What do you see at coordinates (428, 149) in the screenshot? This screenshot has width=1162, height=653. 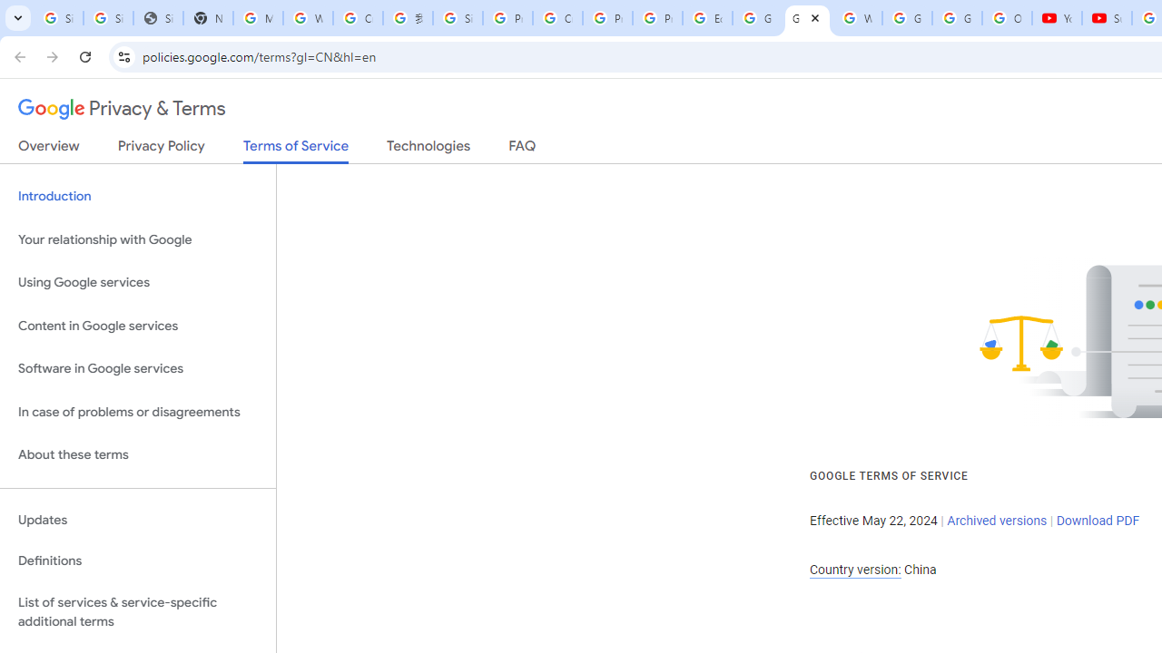 I see `'Technologies'` at bounding box center [428, 149].